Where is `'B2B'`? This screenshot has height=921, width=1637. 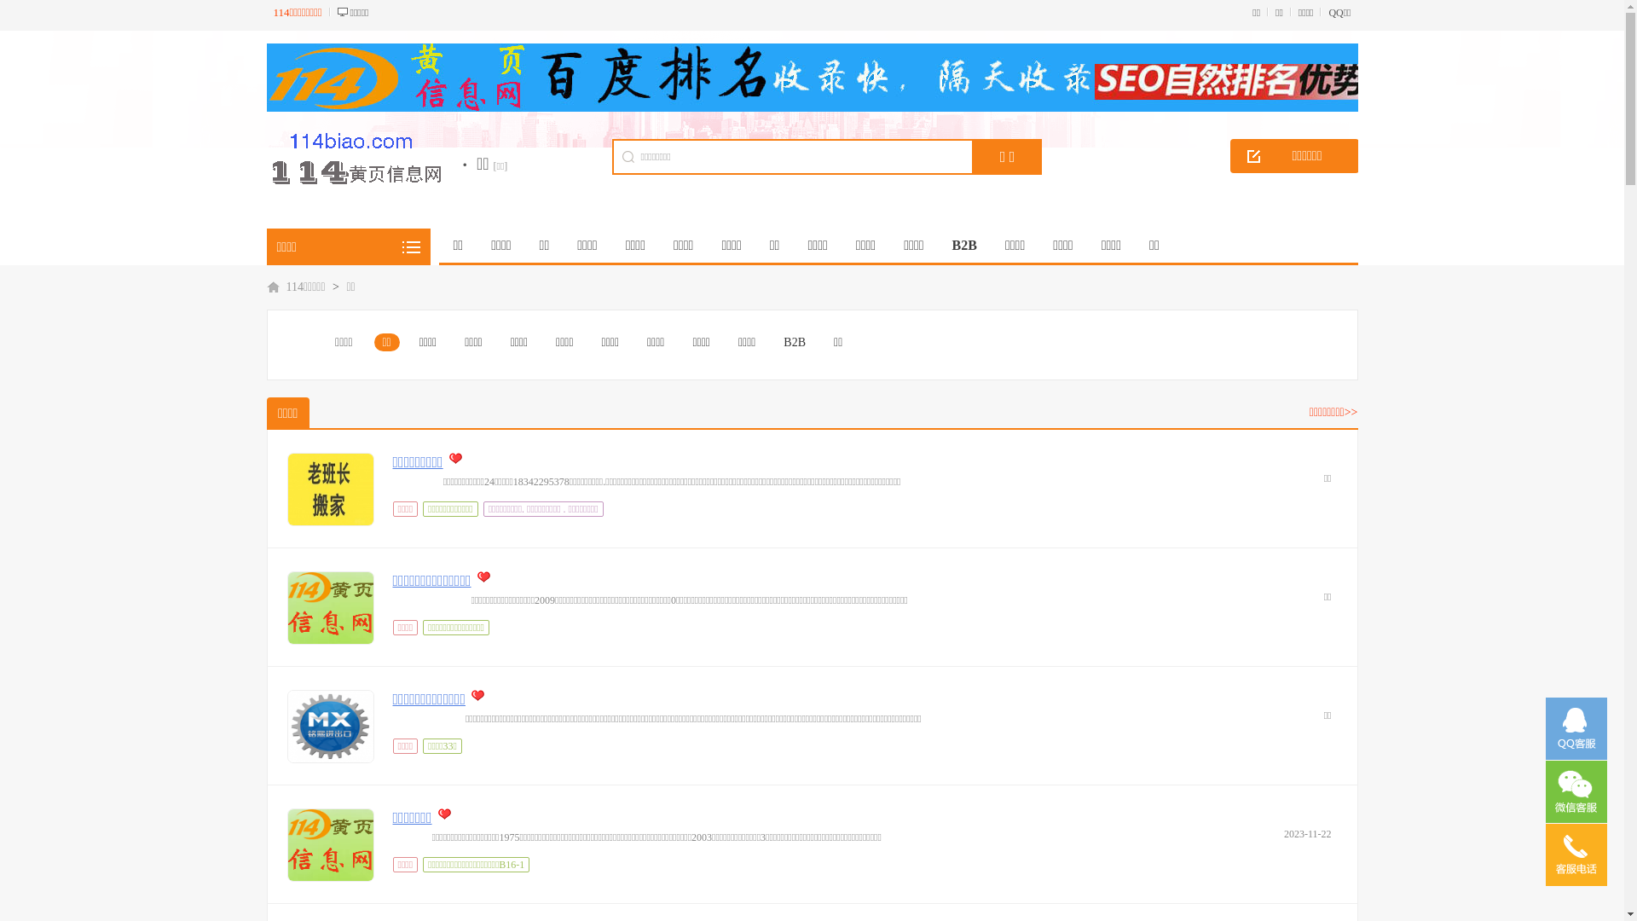
'B2B' is located at coordinates (793, 342).